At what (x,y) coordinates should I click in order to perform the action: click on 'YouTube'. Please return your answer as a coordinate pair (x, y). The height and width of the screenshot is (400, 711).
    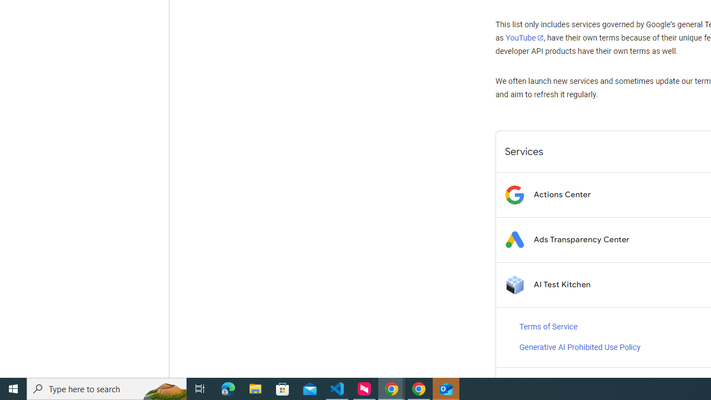
    Looking at the image, I should click on (524, 37).